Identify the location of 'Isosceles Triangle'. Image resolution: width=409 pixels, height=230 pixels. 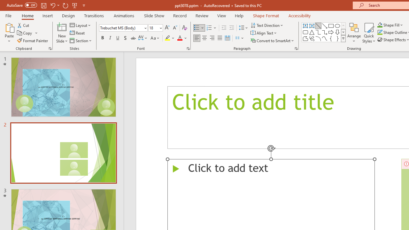
(312, 32).